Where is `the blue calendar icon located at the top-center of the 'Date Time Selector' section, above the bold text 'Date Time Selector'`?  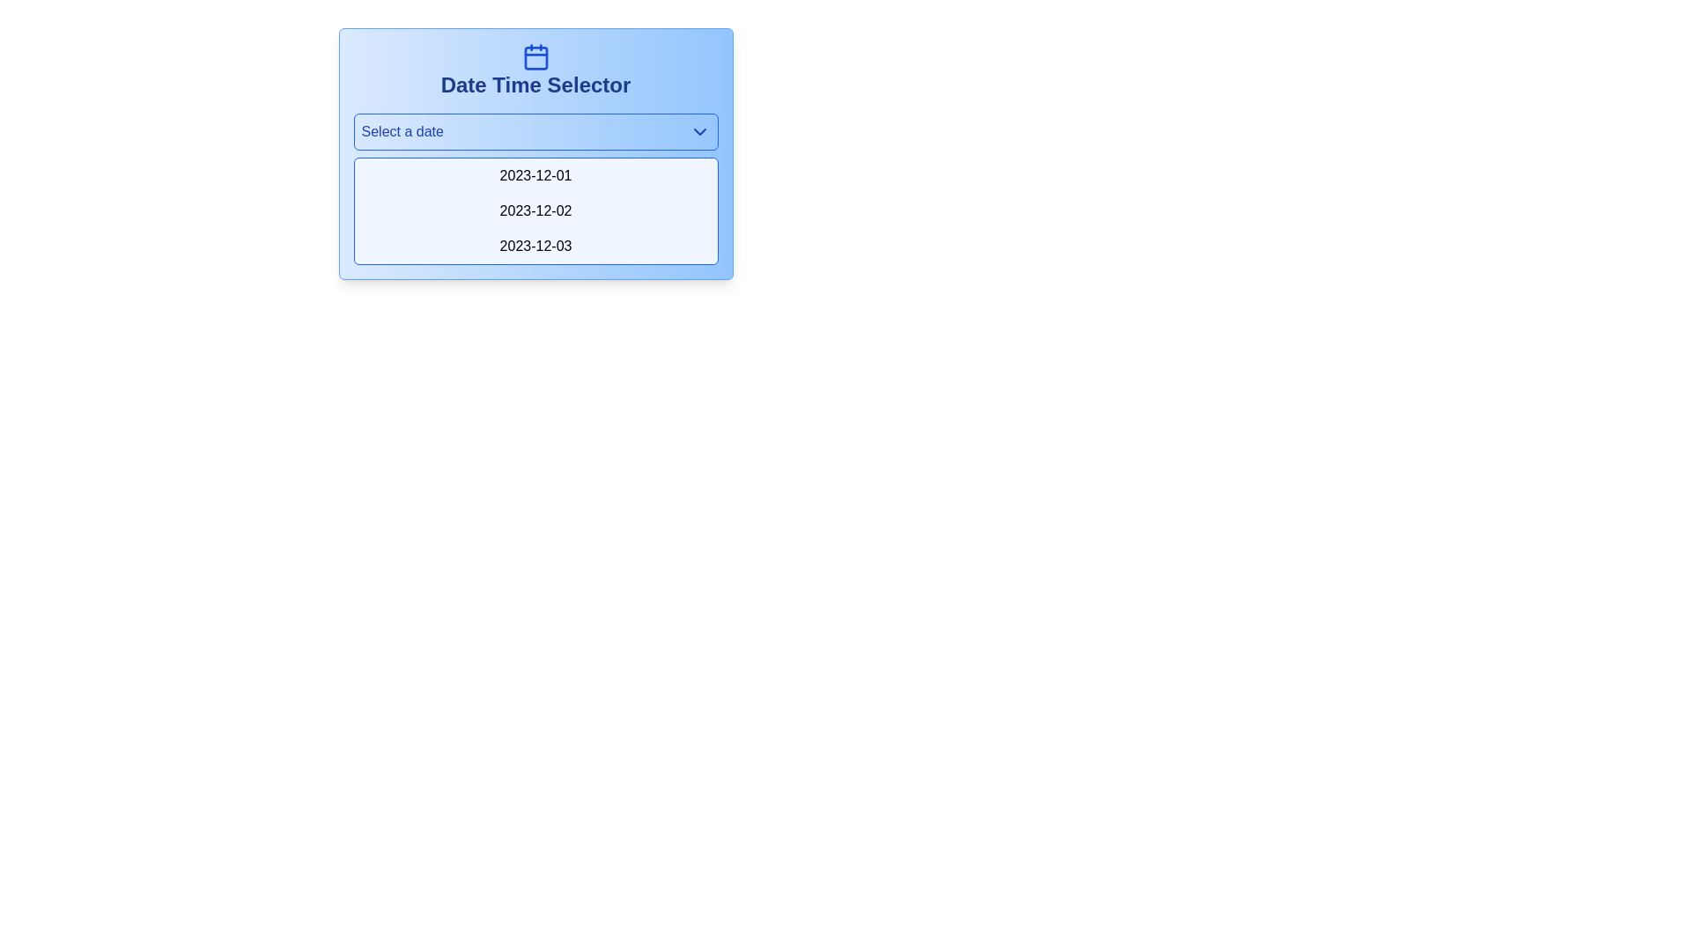 the blue calendar icon located at the top-center of the 'Date Time Selector' section, above the bold text 'Date Time Selector' is located at coordinates (535, 56).